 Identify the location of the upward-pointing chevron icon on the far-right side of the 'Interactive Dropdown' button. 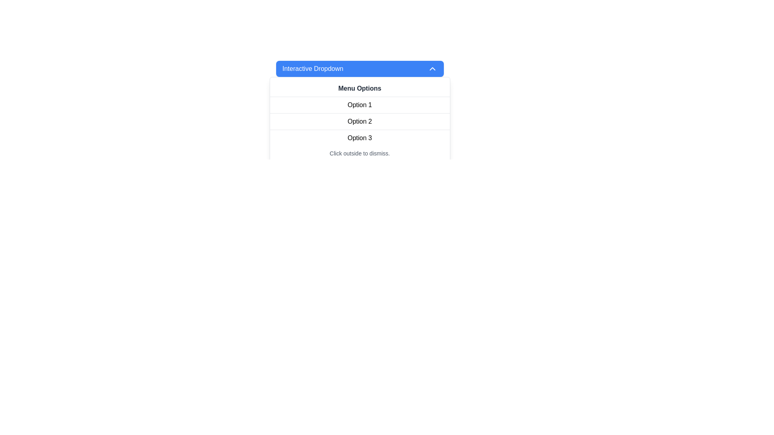
(432, 68).